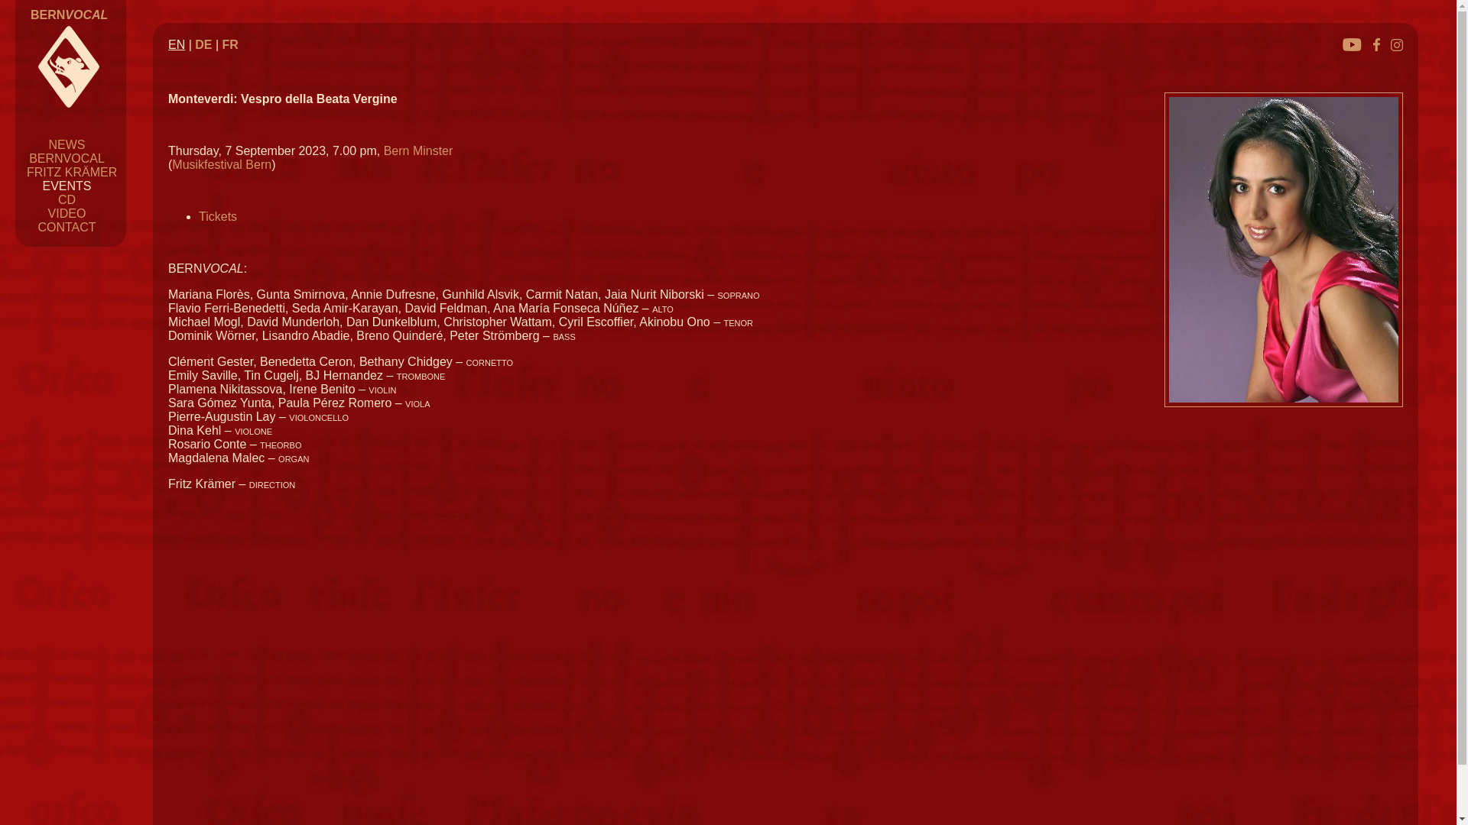  I want to click on 'VIDEO', so click(66, 213).